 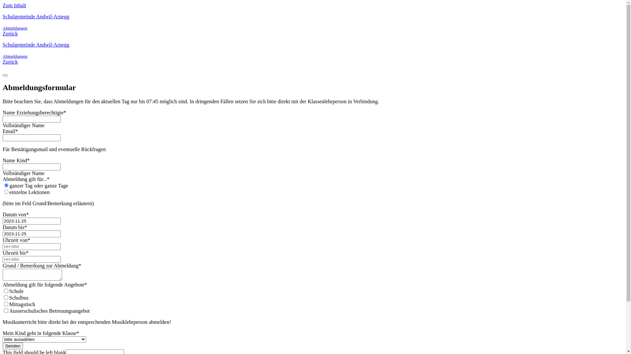 I want to click on 'Zum Inhalt', so click(x=14, y=5).